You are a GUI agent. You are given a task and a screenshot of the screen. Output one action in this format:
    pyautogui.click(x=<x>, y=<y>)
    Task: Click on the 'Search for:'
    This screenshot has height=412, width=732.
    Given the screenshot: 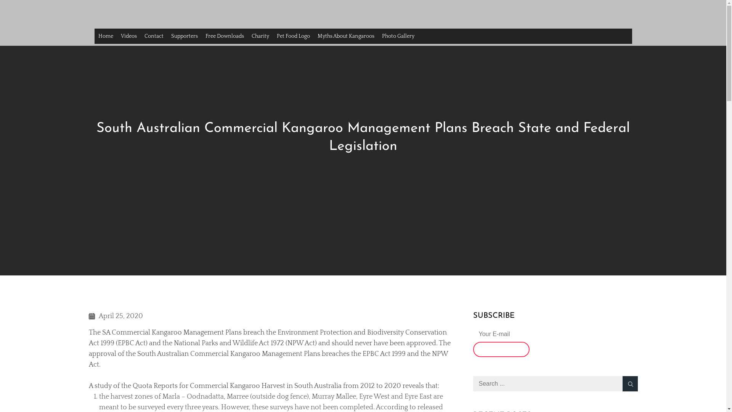 What is the action you would take?
    pyautogui.click(x=472, y=384)
    